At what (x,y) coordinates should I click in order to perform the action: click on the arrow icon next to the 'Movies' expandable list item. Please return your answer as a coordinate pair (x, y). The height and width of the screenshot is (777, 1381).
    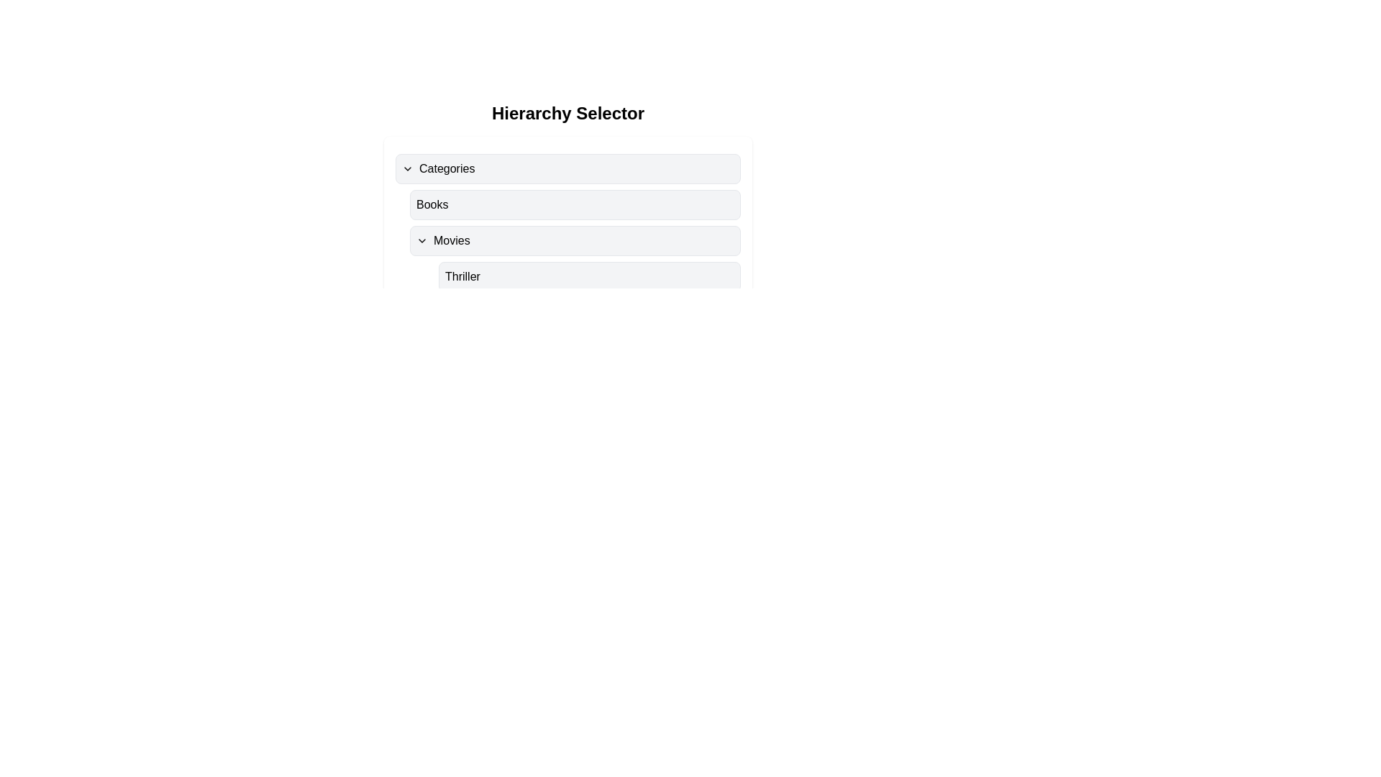
    Looking at the image, I should click on (442, 240).